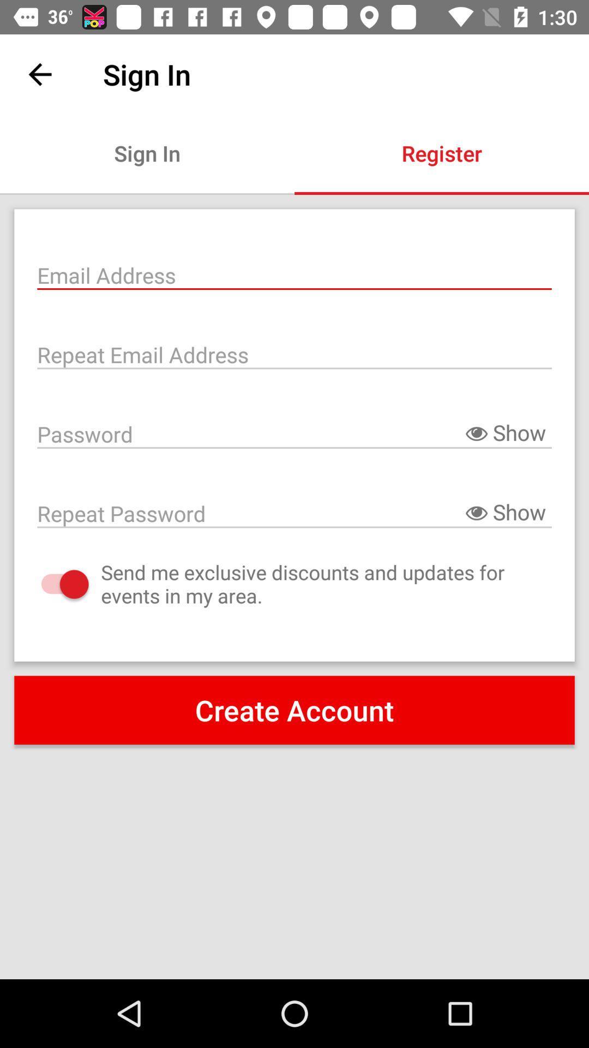  What do you see at coordinates (39, 74) in the screenshot?
I see `the icon to the left of sign in` at bounding box center [39, 74].